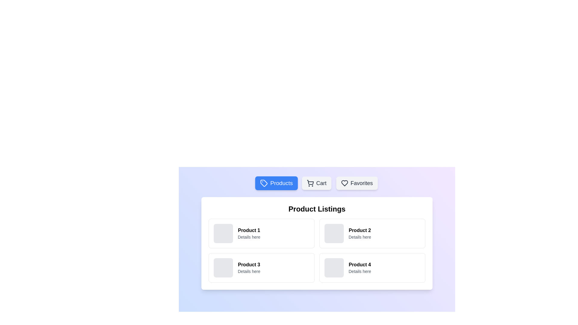 The width and height of the screenshot is (578, 325). Describe the element at coordinates (360, 268) in the screenshot. I see `the Text component that provides the title and description of Product 4, located in the bottom-right cell of the product listing grid` at that location.